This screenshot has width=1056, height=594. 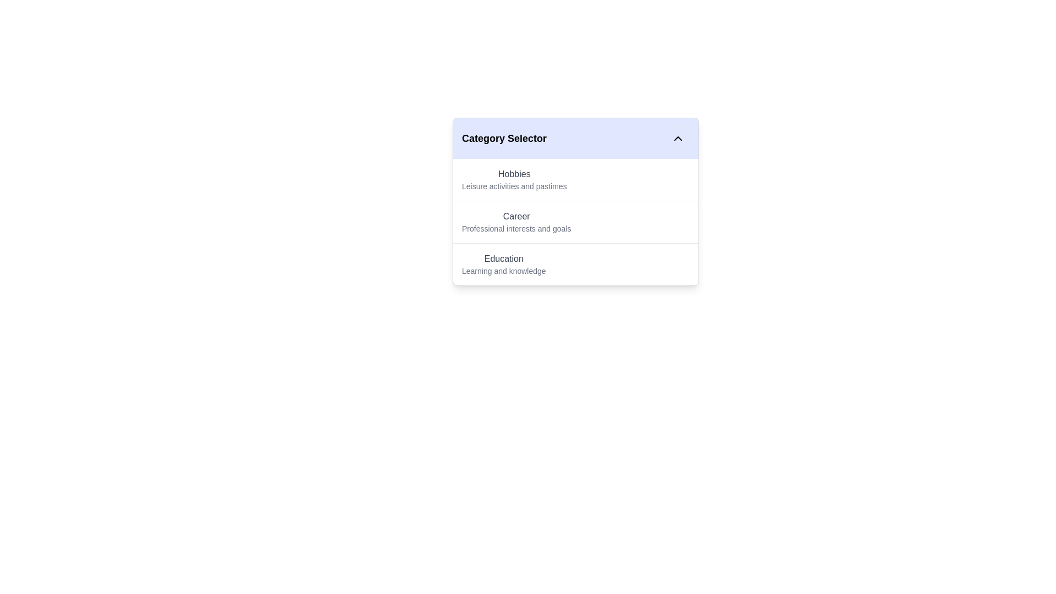 What do you see at coordinates (516, 228) in the screenshot?
I see `the text display that shows 'Professional interests and goals', which is located below the 'Career' text in the 'Category Selector' menu` at bounding box center [516, 228].